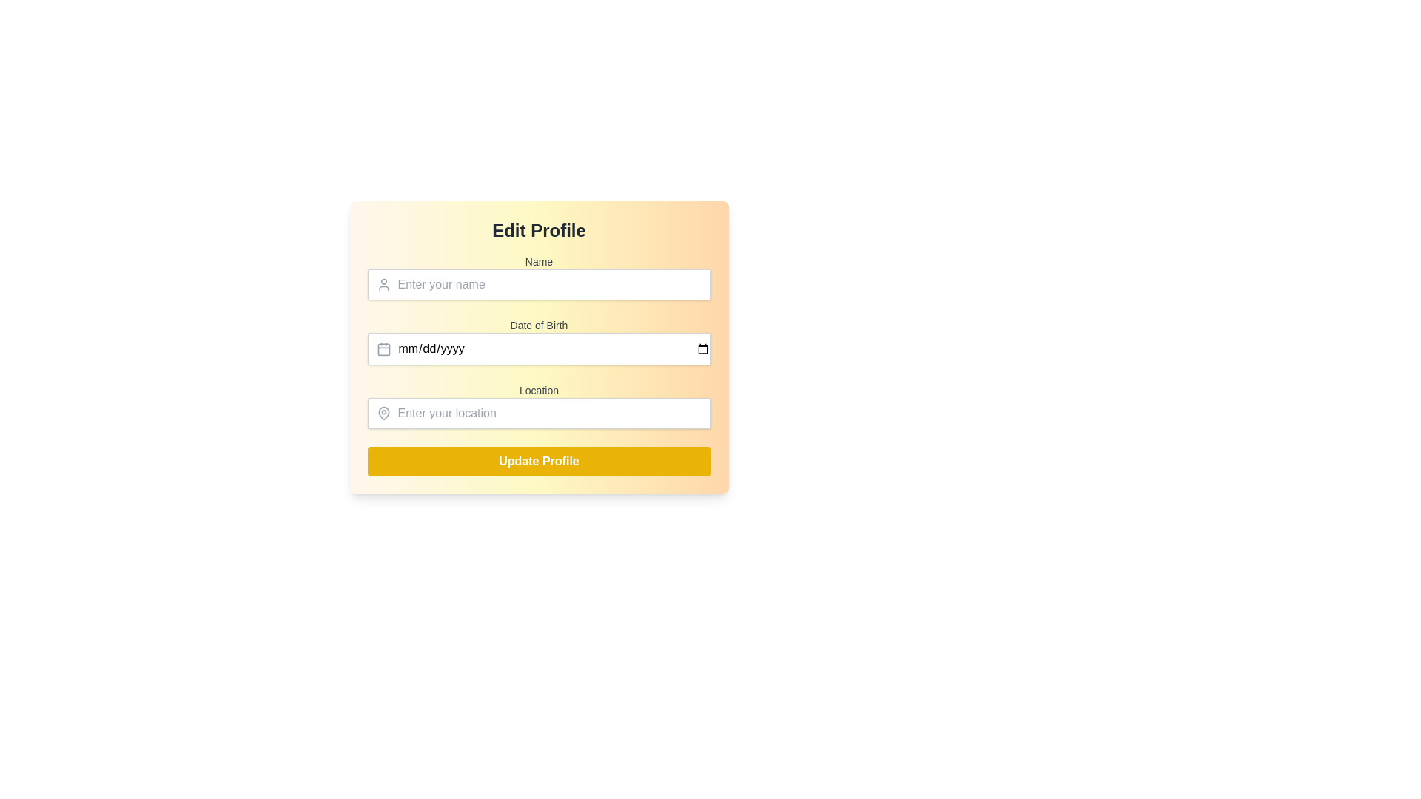 This screenshot has width=1421, height=799. What do you see at coordinates (538, 348) in the screenshot?
I see `the date input field labeled 'Date of Birth' to focus on it` at bounding box center [538, 348].